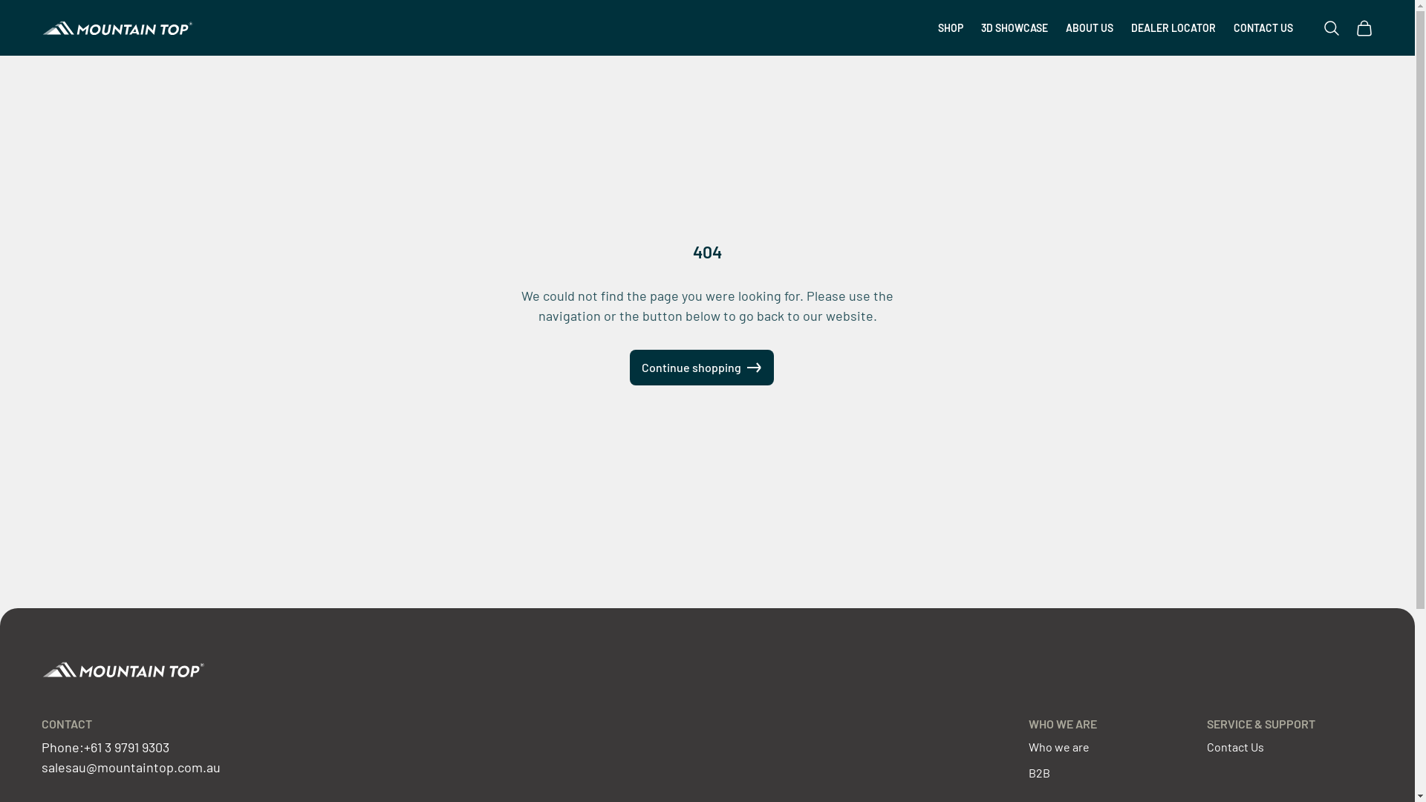 This screenshot has width=1426, height=802. What do you see at coordinates (1058, 746) in the screenshot?
I see `'Who we are'` at bounding box center [1058, 746].